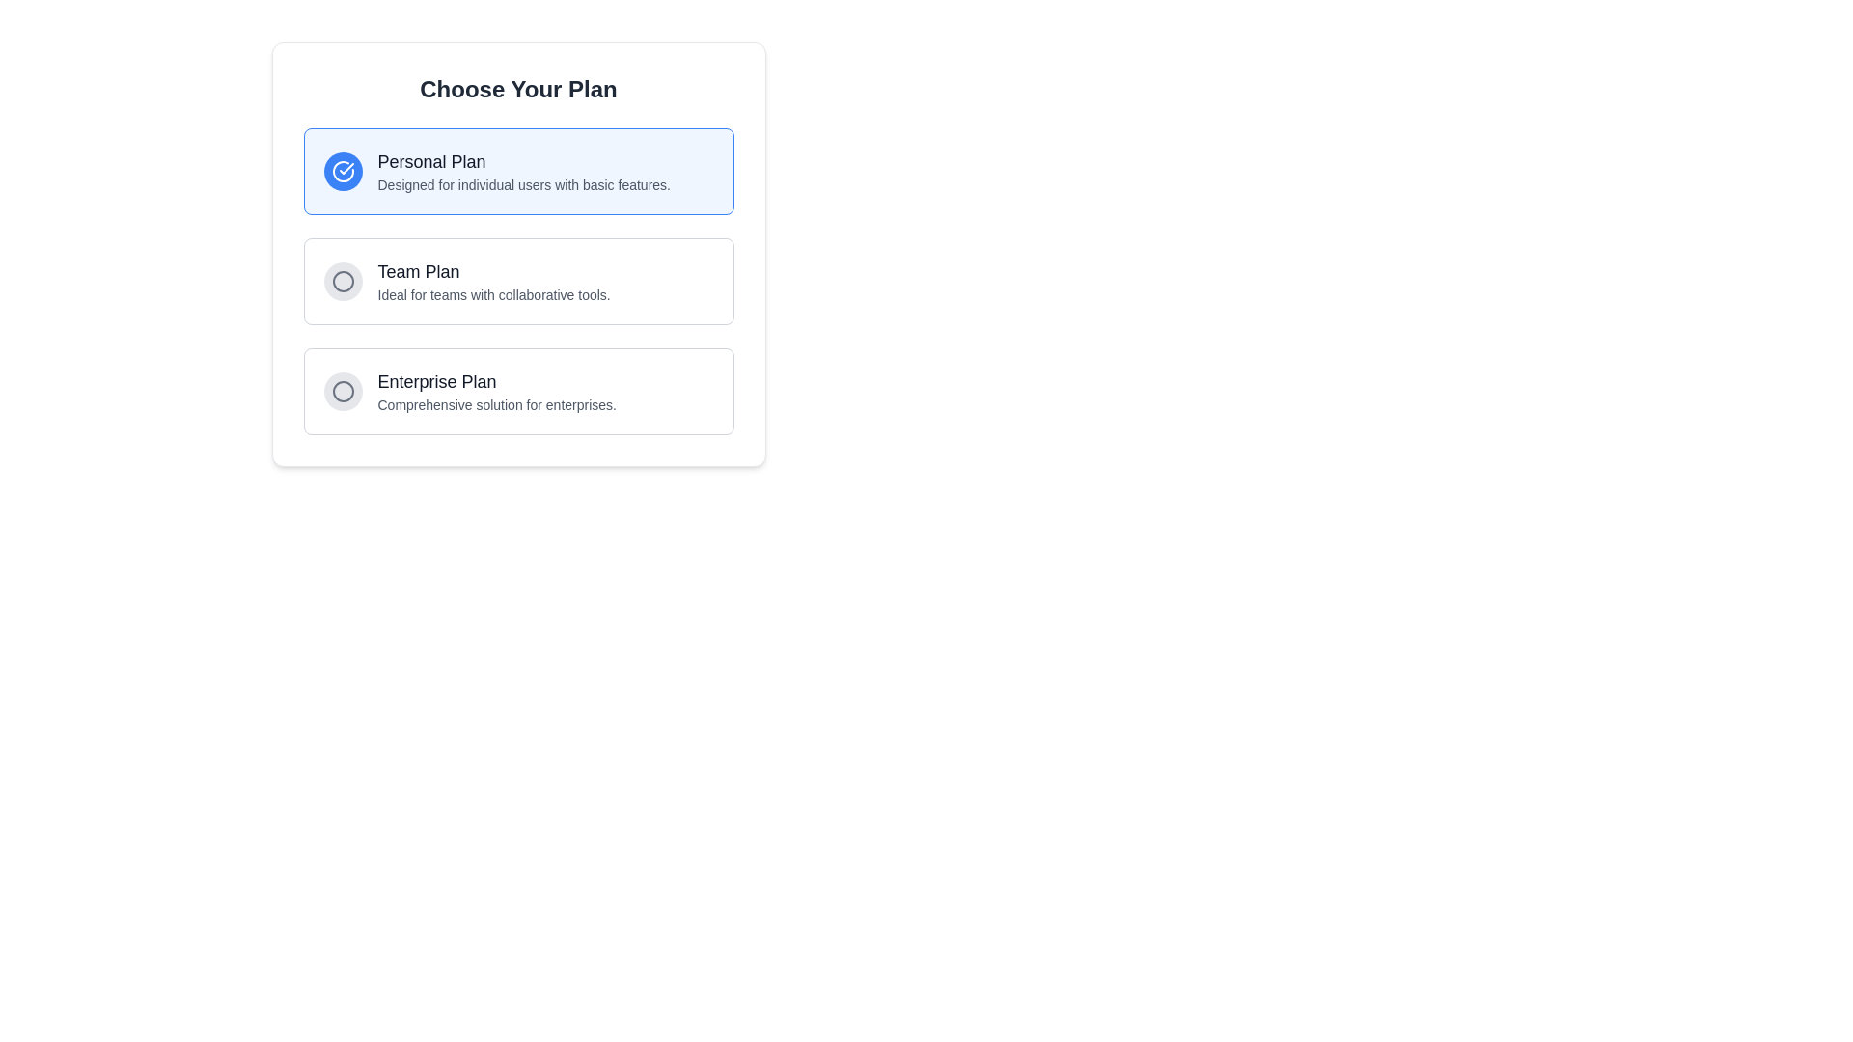 This screenshot has height=1042, width=1853. I want to click on the blue circular button with a white checkmark icon located at the top-left corner of the 'Personal Plan' card in the 'Choose Your Plan' section, so click(343, 170).